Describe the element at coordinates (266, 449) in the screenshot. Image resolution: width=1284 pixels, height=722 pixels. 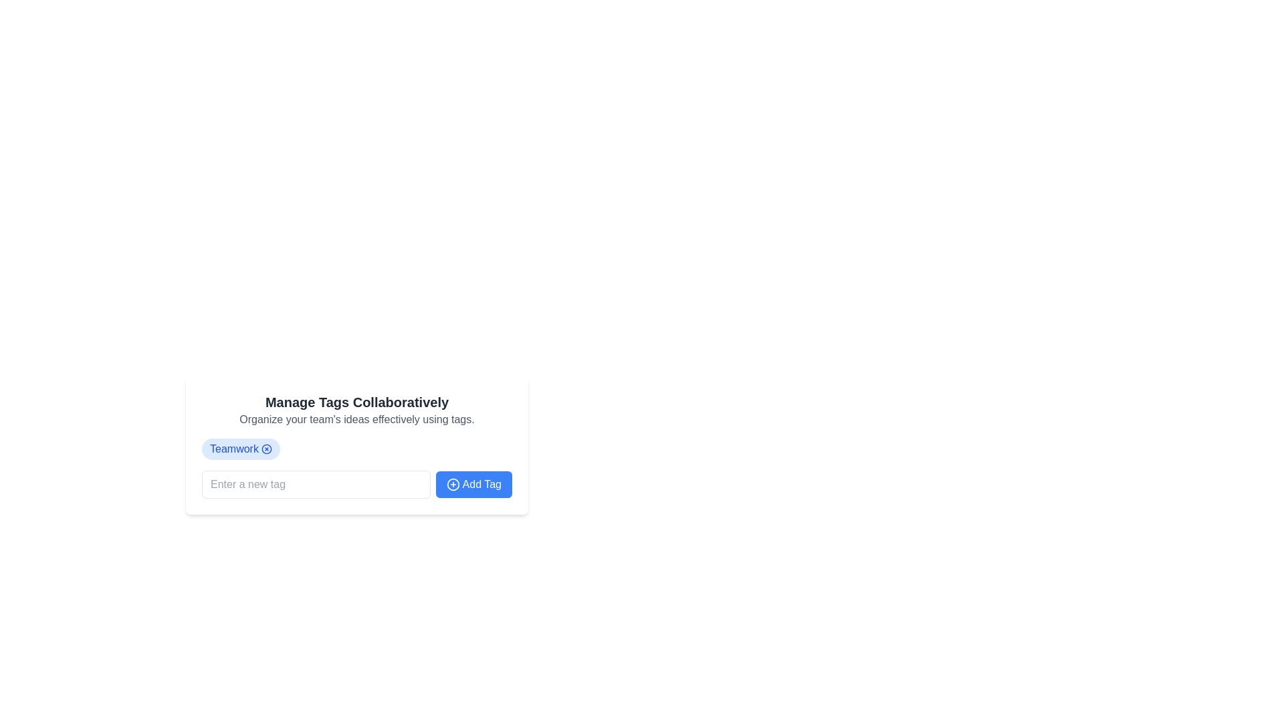
I see `the Close button located on the far-right of the 'Teamwork' tag` at that location.